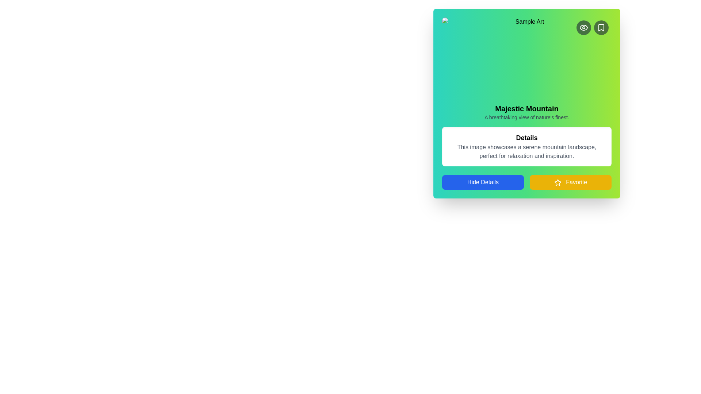 Image resolution: width=701 pixels, height=394 pixels. What do you see at coordinates (557, 182) in the screenshot?
I see `the star icon located to the left of the 'Favorite' text at the bottom right of the card to mark the item as a favorite` at bounding box center [557, 182].